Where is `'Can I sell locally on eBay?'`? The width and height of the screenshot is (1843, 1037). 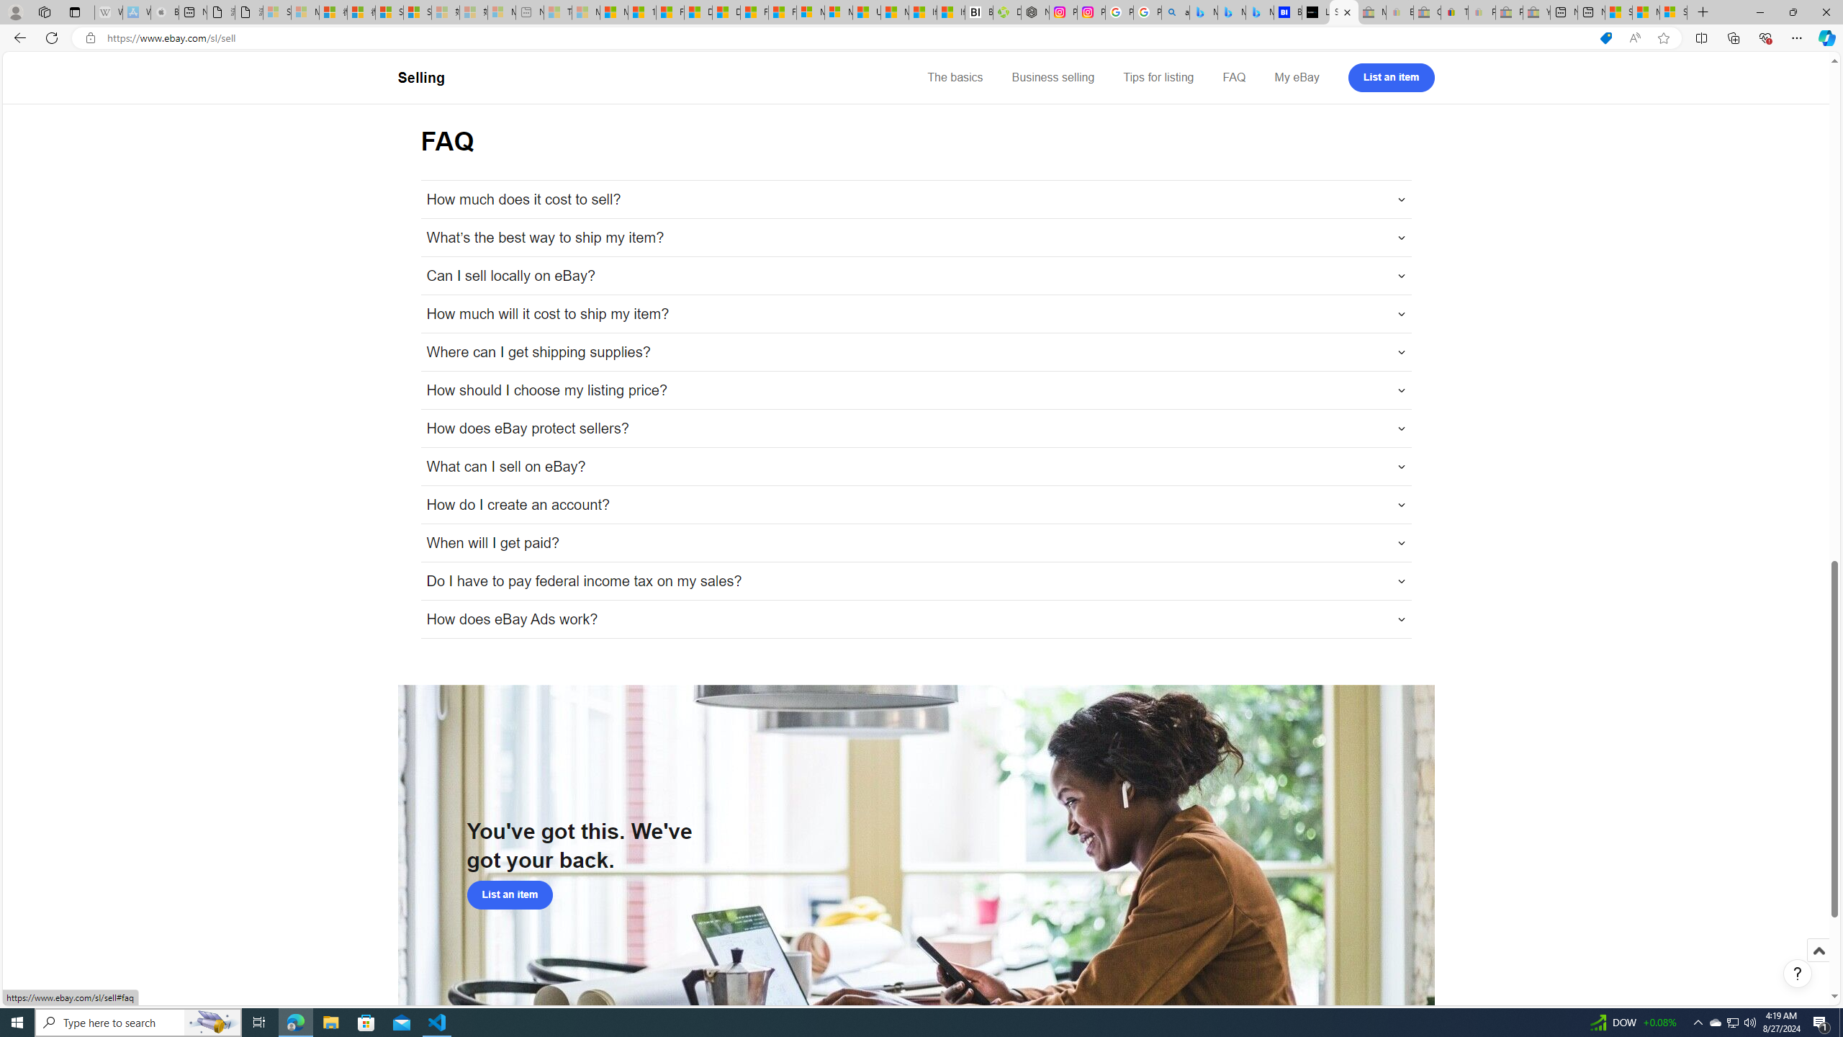
'Can I sell locally on eBay?' is located at coordinates (915, 275).